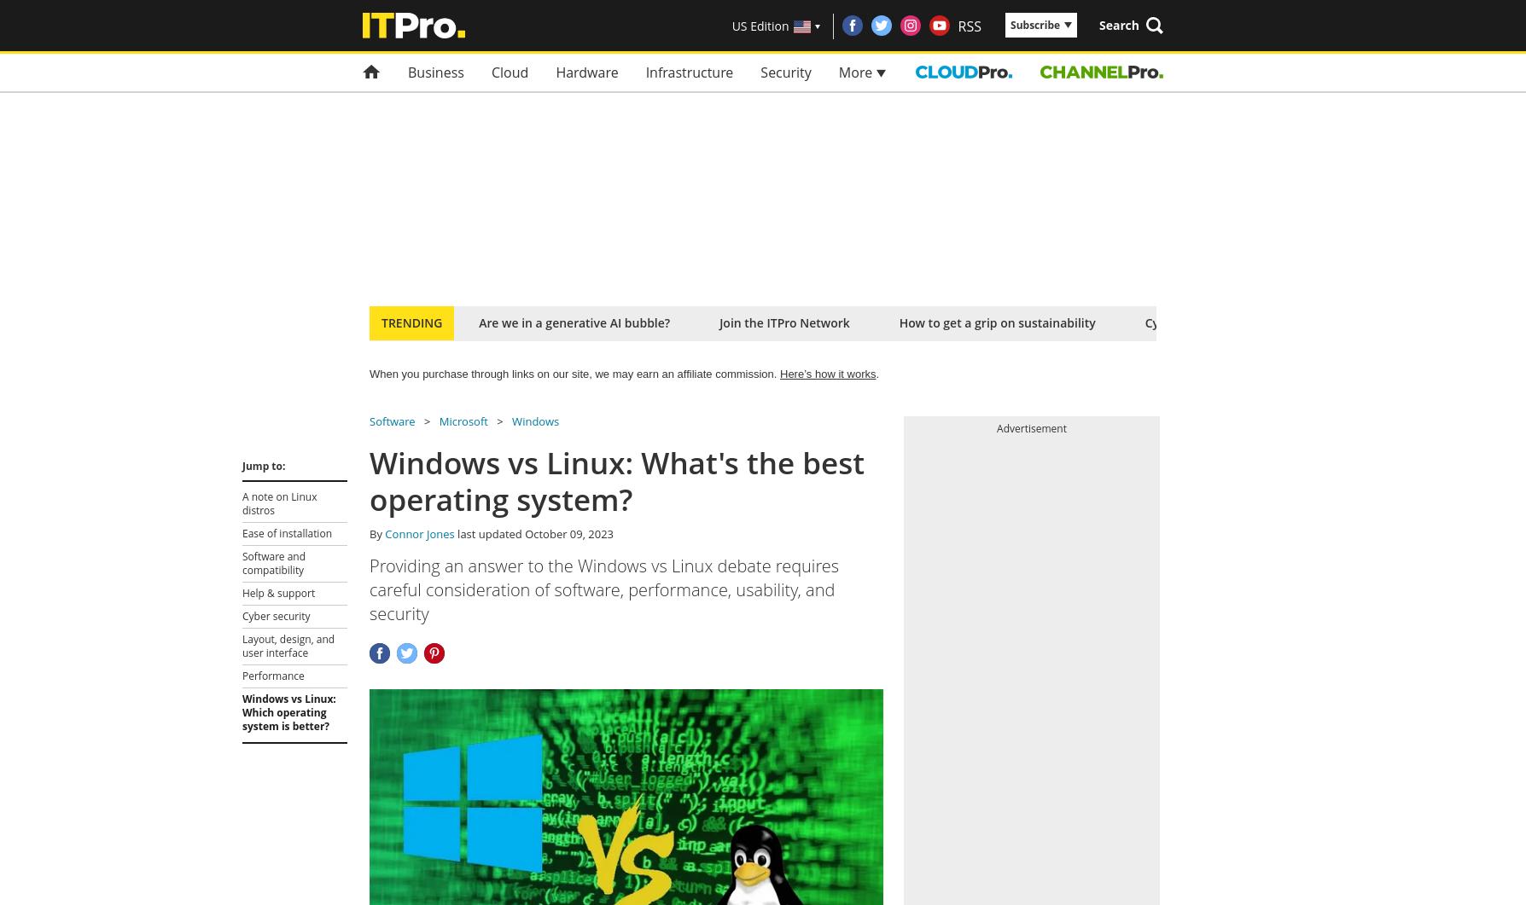 This screenshot has width=1526, height=905. I want to click on 'last updated', so click(489, 532).